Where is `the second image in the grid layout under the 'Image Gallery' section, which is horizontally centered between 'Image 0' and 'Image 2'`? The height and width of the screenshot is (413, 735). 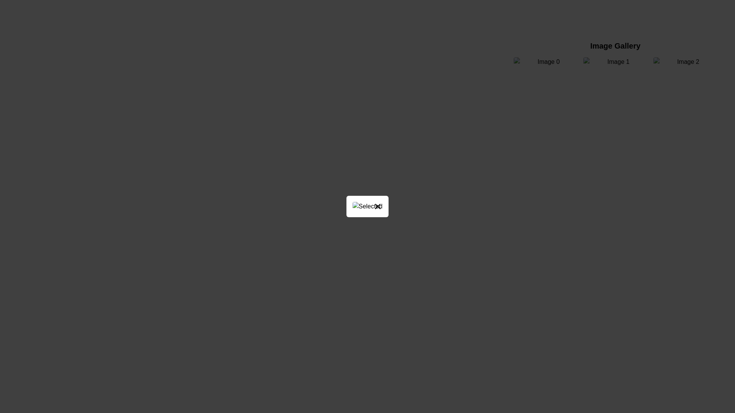
the second image in the grid layout under the 'Image Gallery' section, which is horizontally centered between 'Image 0' and 'Image 2' is located at coordinates (615, 62).